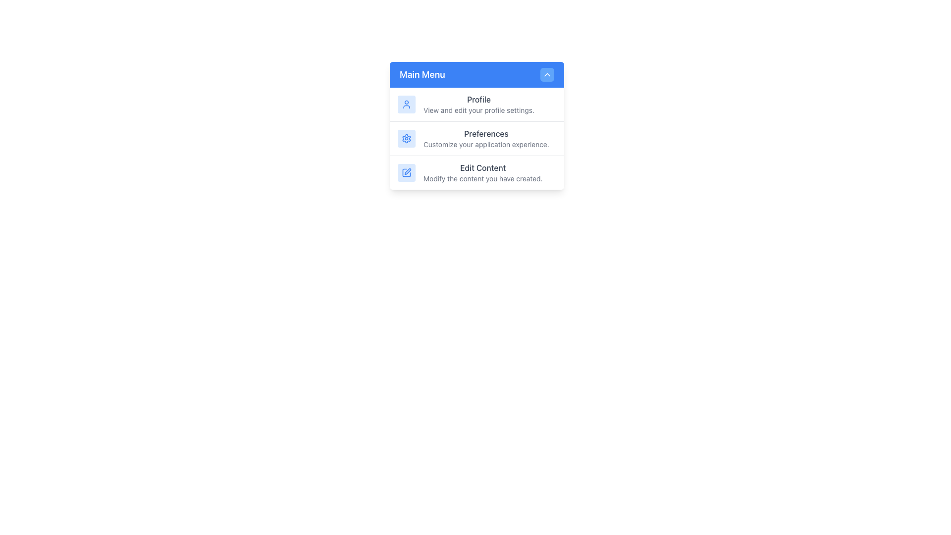 This screenshot has width=951, height=535. What do you see at coordinates (477, 172) in the screenshot?
I see `the third menu item for modifying created content, located at the bottom of the vertical list of menu items` at bounding box center [477, 172].